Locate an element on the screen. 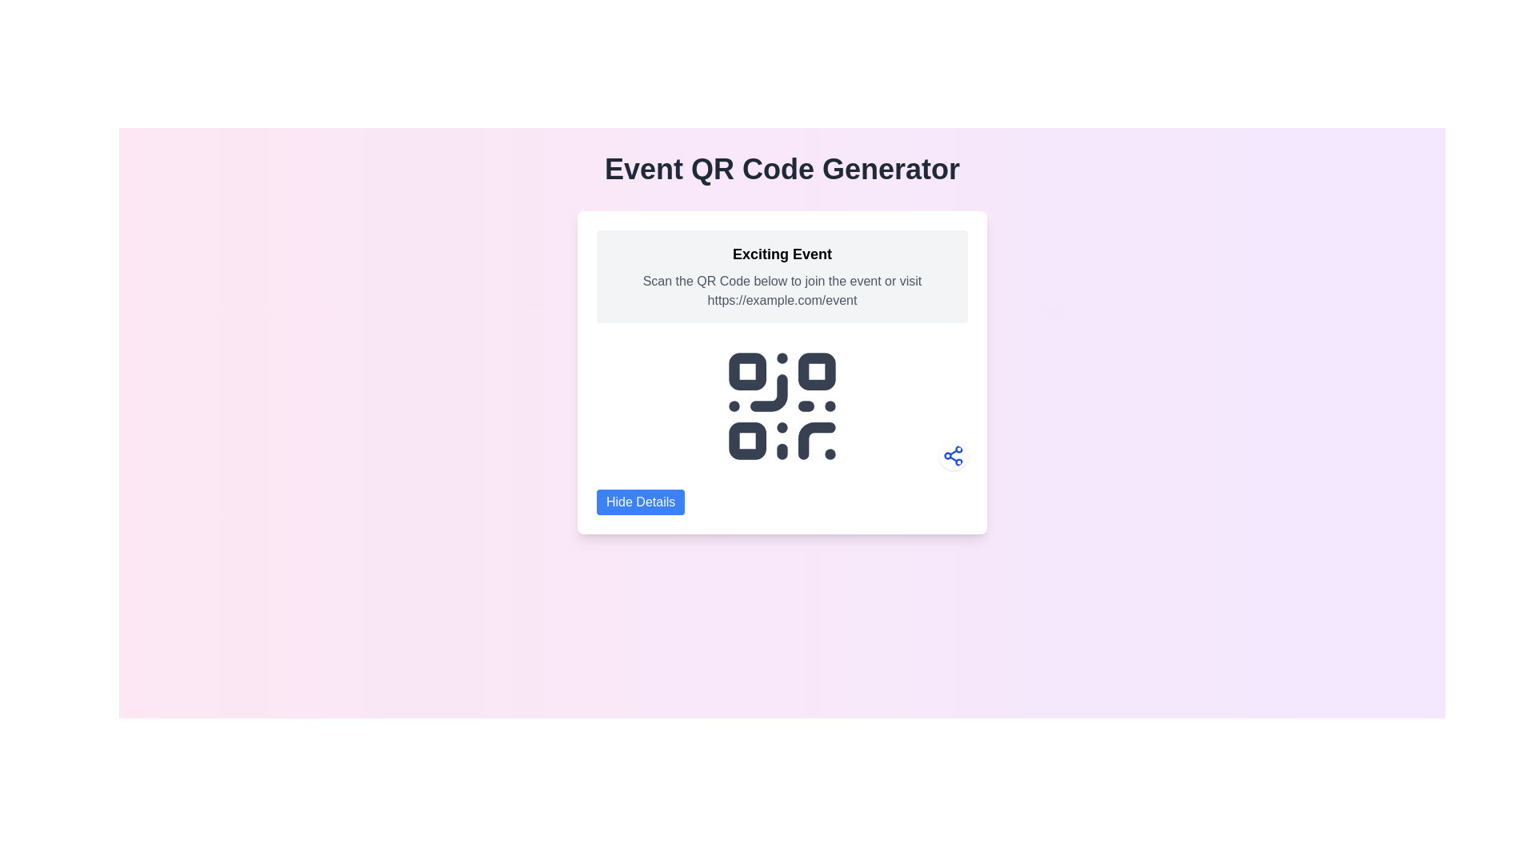  the title text element located at the top of the layout, which serves to provide users a clear understanding of the page's purpose is located at coordinates (782, 170).